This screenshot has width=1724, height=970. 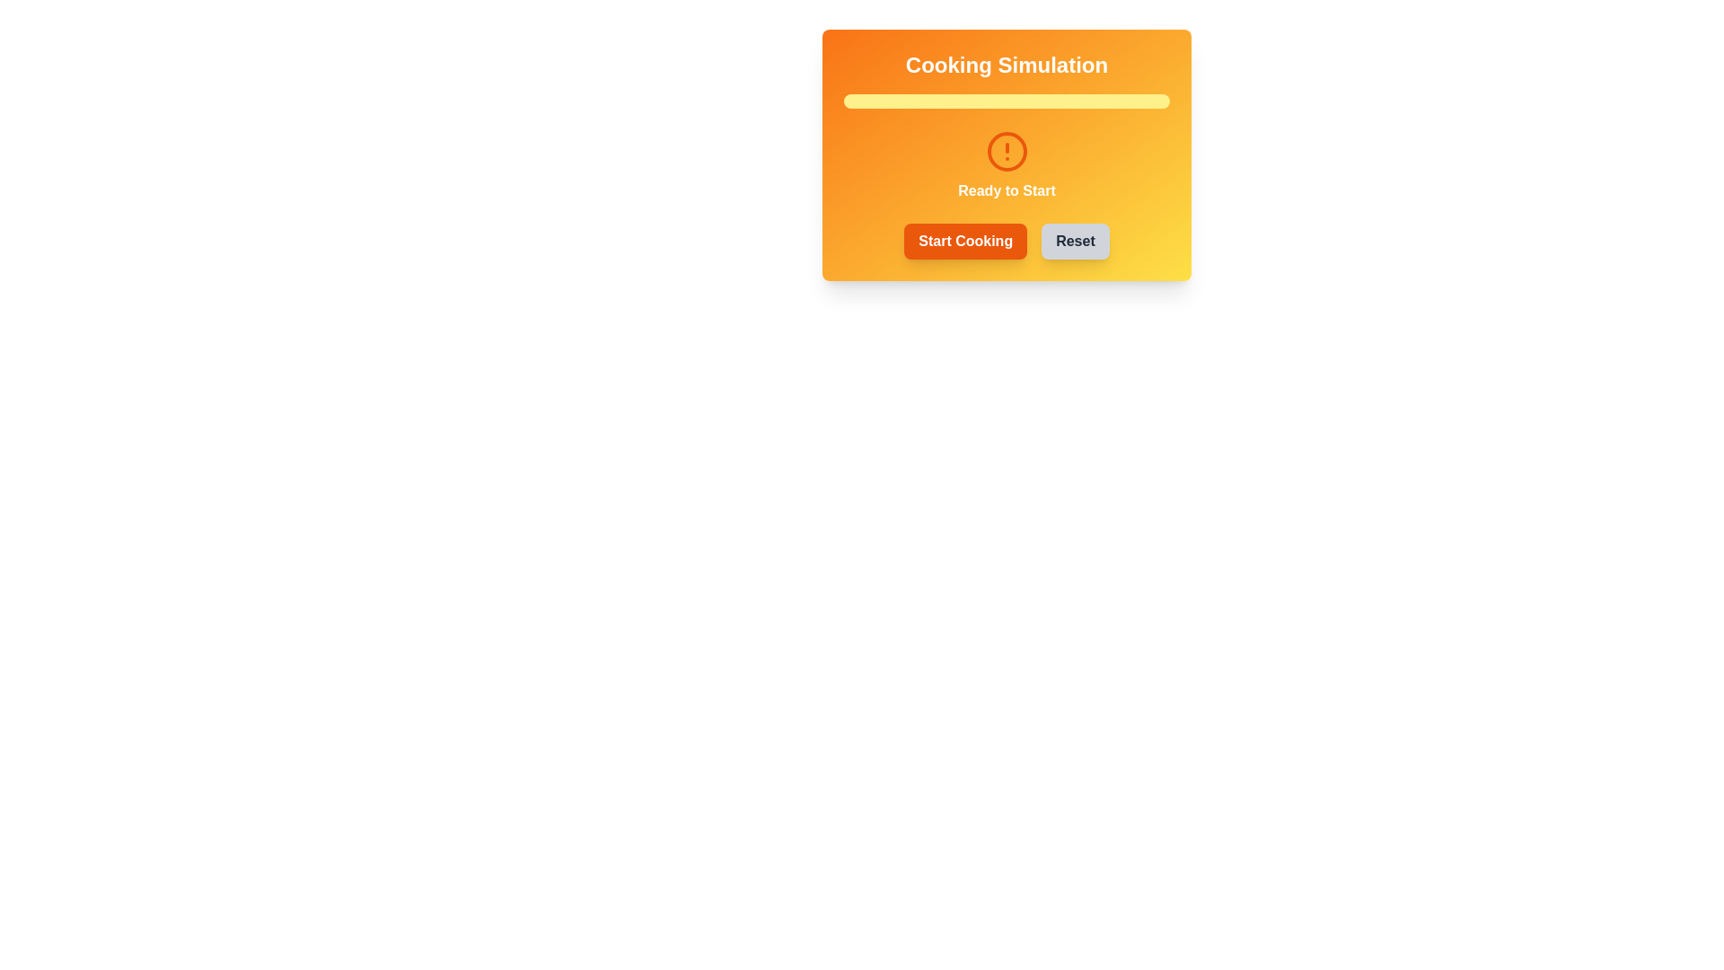 I want to click on the progress bar located below the title 'Cooking Simulation' and above the text 'Ready to Start' in the Cooking Simulation interface, so click(x=1007, y=101).